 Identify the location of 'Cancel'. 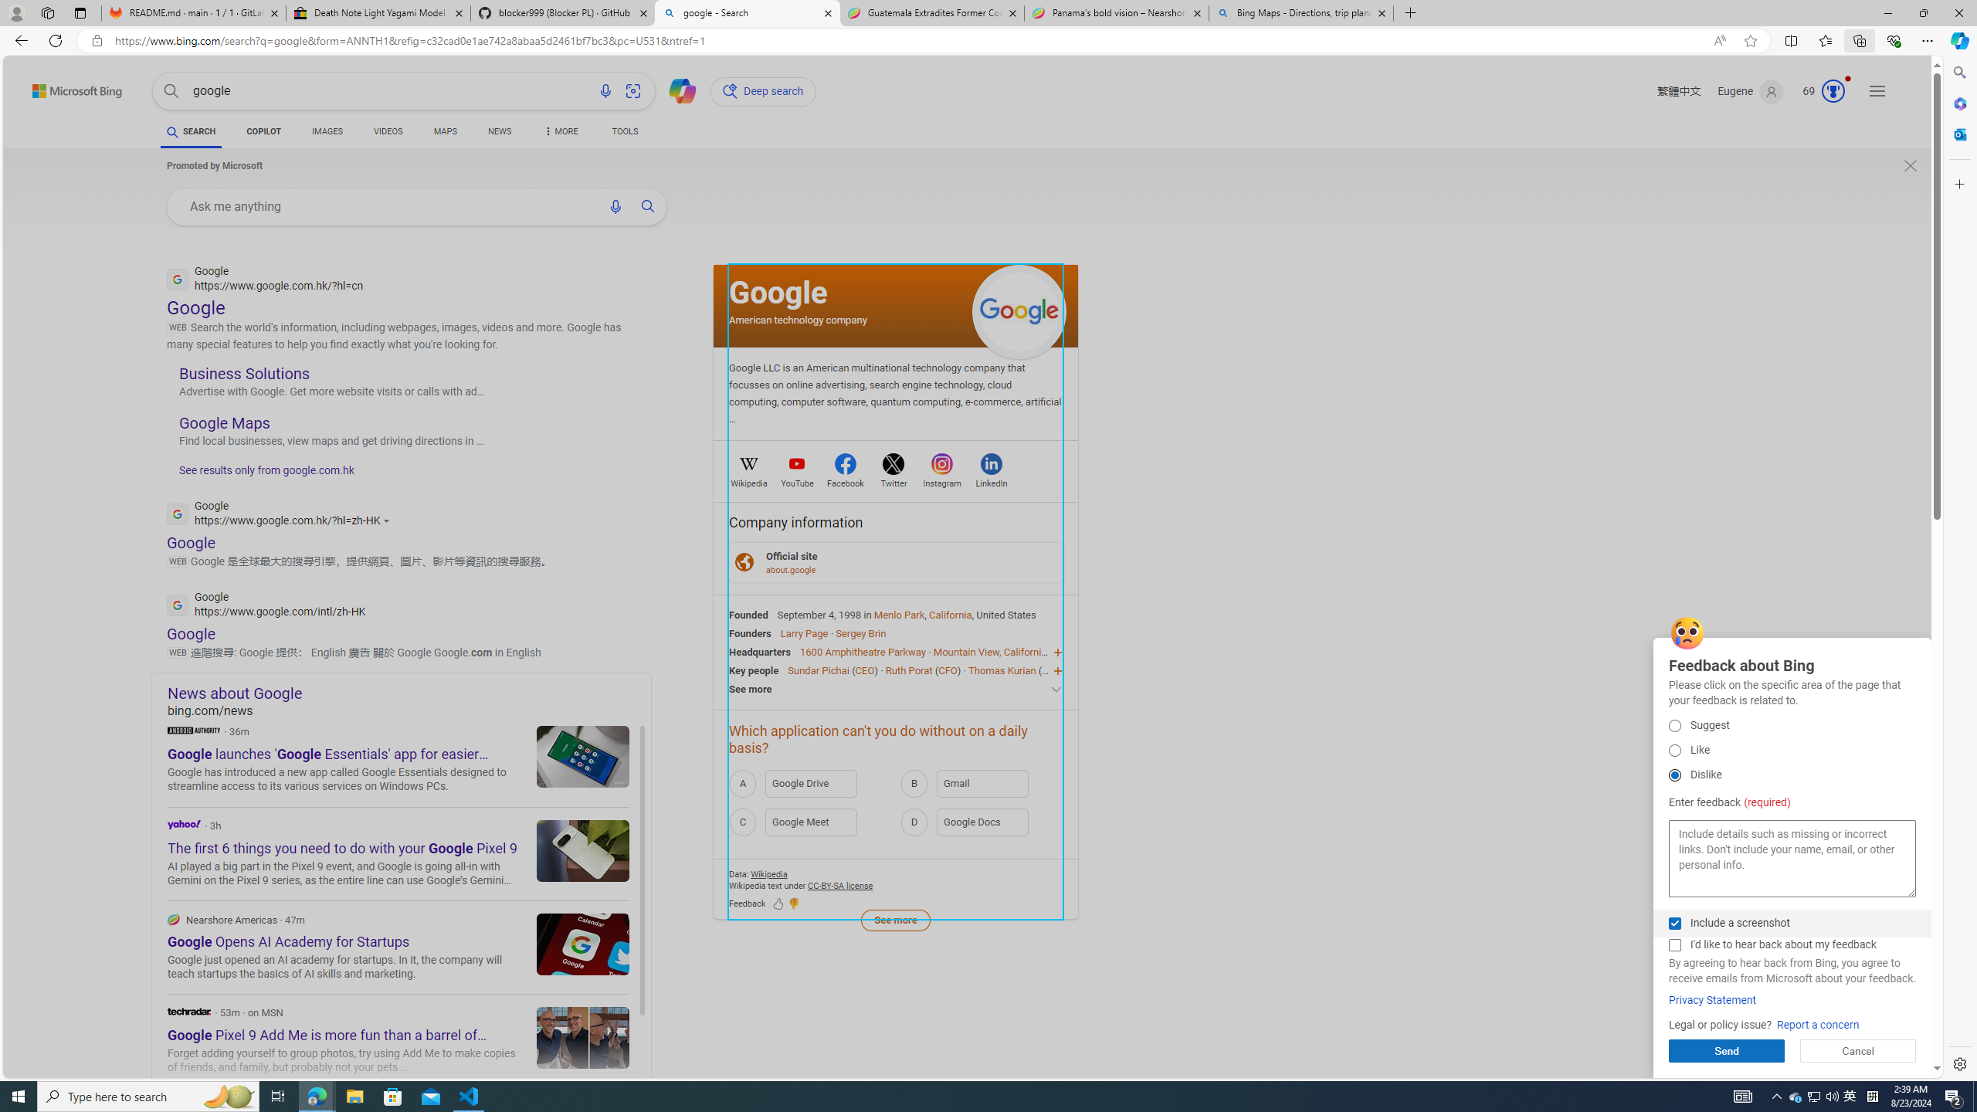
(1857, 1050).